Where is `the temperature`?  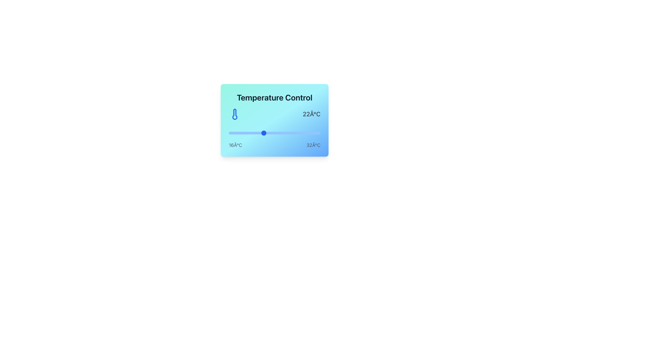 the temperature is located at coordinates (268, 133).